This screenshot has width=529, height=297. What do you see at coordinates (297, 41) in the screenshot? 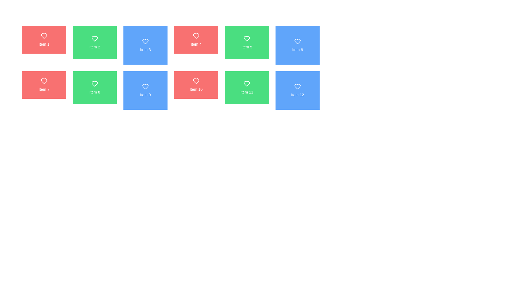
I see `the heart icon located in the third column of the second row inside the blue box labeled 'Item 6'` at bounding box center [297, 41].